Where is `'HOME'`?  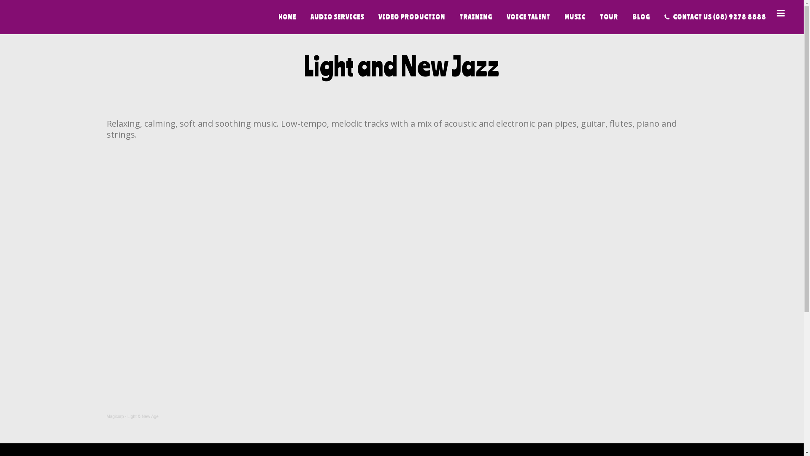
'HOME' is located at coordinates (287, 16).